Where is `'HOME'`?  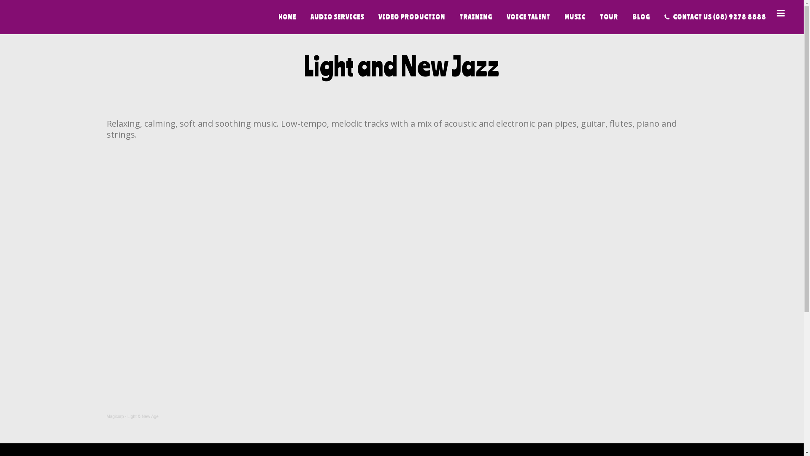
'HOME' is located at coordinates (287, 16).